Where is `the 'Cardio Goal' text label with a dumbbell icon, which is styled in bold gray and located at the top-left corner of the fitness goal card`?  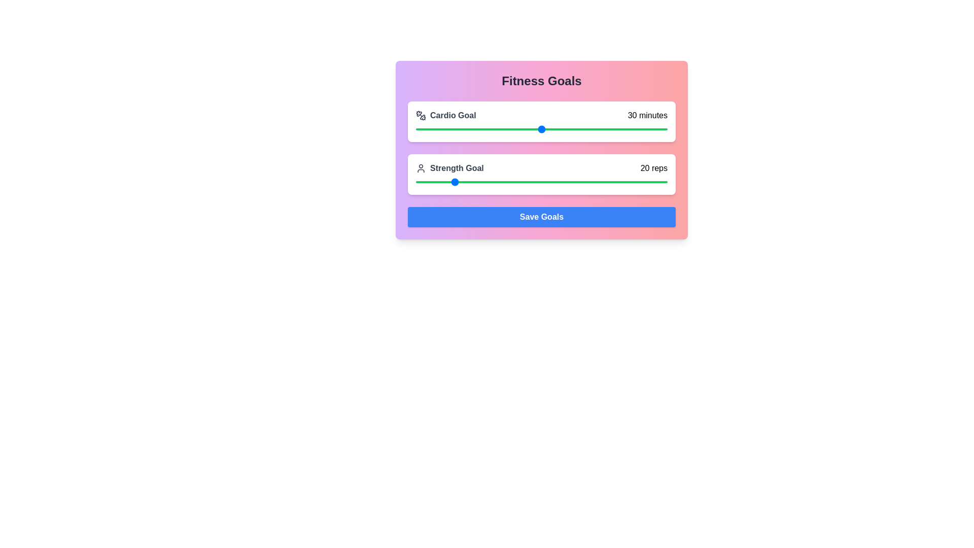
the 'Cardio Goal' text label with a dumbbell icon, which is styled in bold gray and located at the top-left corner of the fitness goal card is located at coordinates (446, 115).